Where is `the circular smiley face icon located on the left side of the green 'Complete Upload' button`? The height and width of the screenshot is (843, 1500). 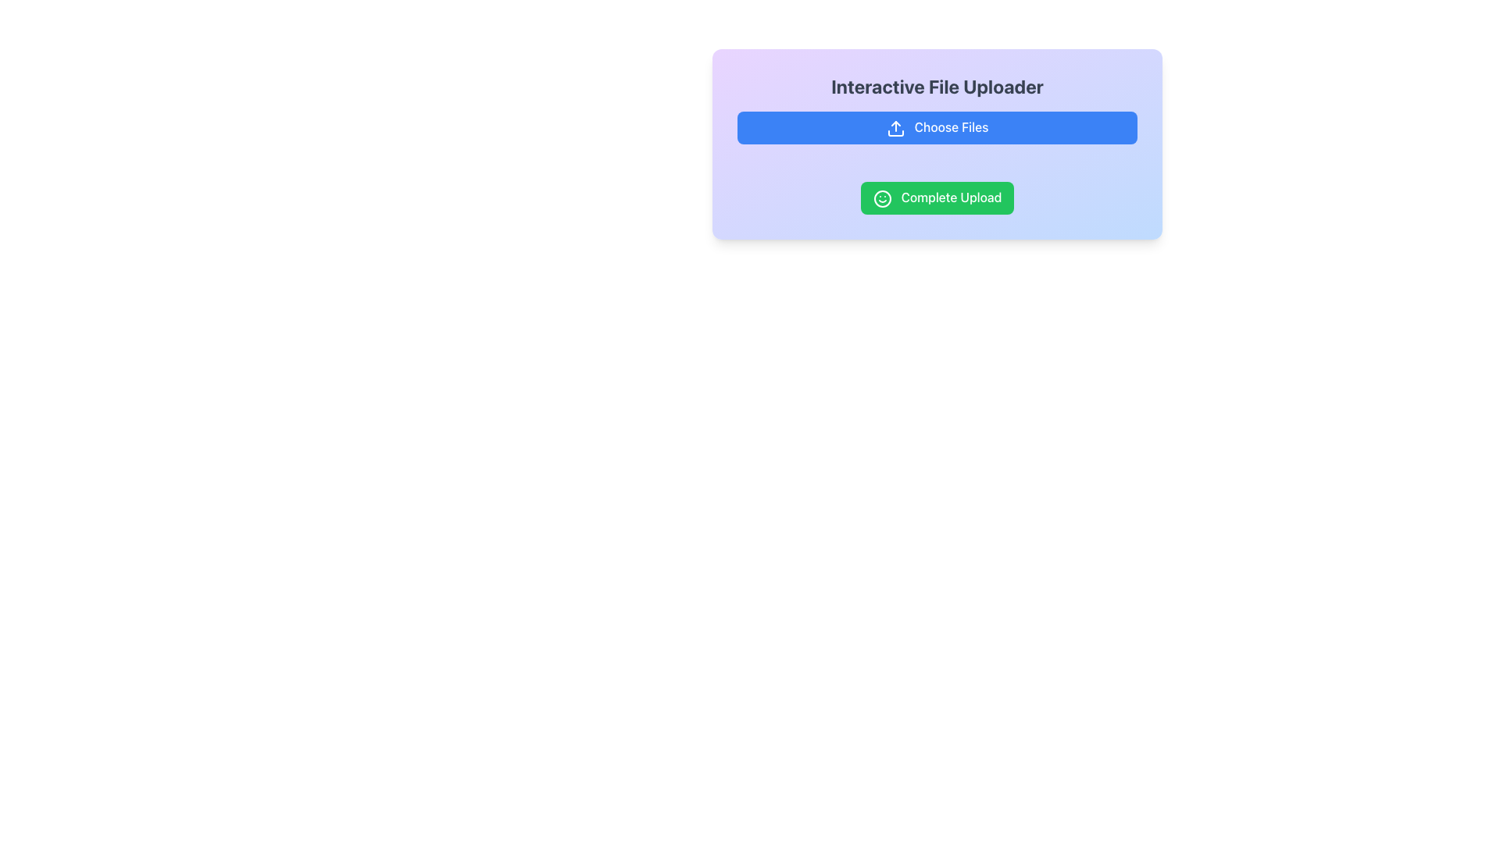
the circular smiley face icon located on the left side of the green 'Complete Upload' button is located at coordinates (882, 197).